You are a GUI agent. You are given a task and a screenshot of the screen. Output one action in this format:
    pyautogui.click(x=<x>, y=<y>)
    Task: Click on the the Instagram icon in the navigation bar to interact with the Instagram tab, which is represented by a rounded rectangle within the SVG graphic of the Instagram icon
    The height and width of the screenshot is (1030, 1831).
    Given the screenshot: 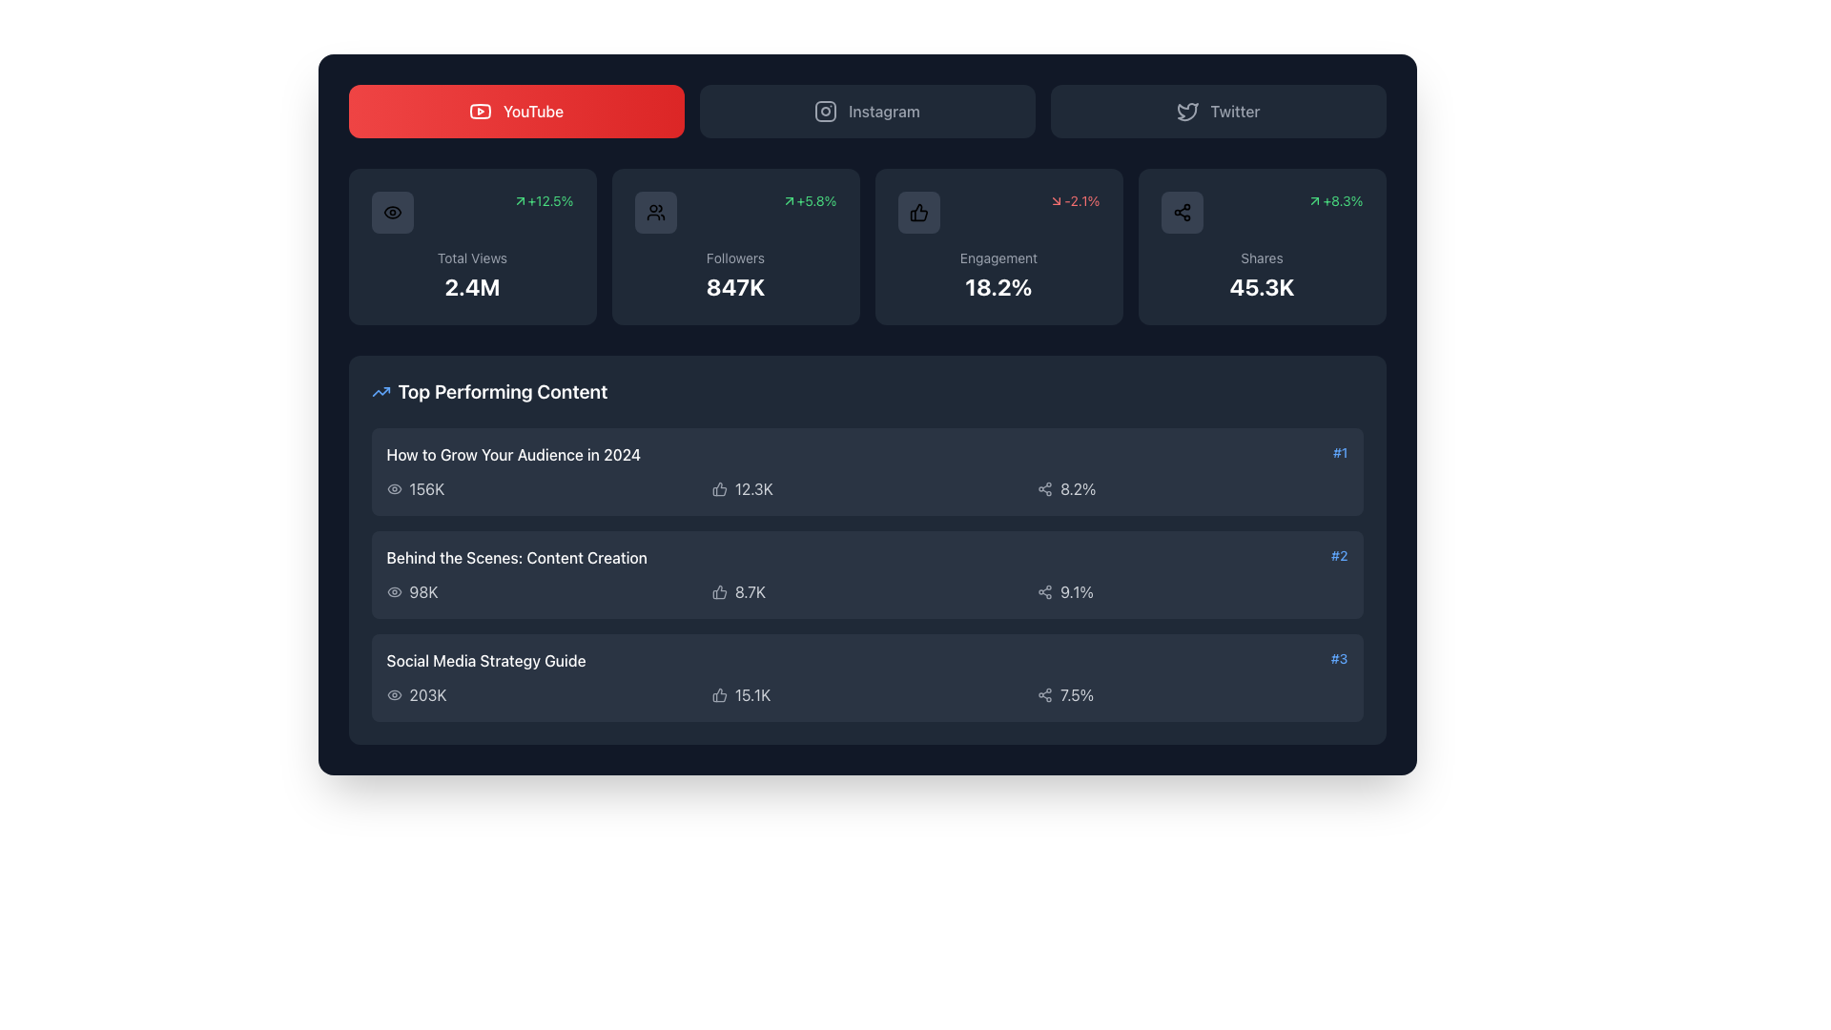 What is the action you would take?
    pyautogui.click(x=825, y=111)
    